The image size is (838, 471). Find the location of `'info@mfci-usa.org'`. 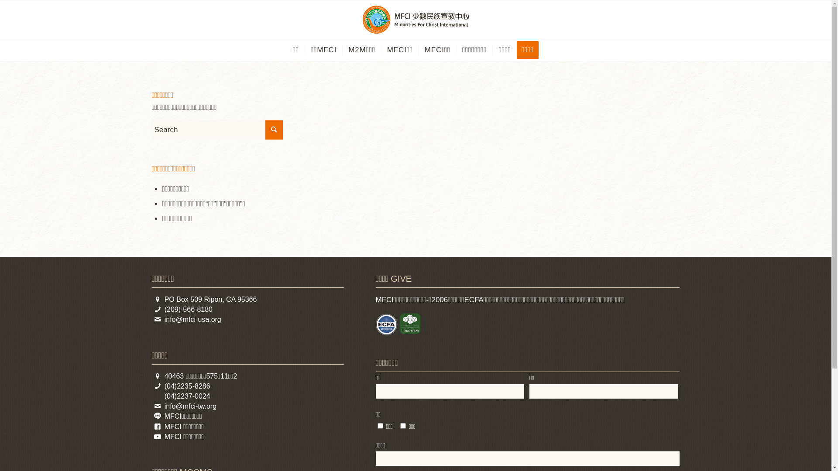

'info@mfci-usa.org' is located at coordinates (192, 319).